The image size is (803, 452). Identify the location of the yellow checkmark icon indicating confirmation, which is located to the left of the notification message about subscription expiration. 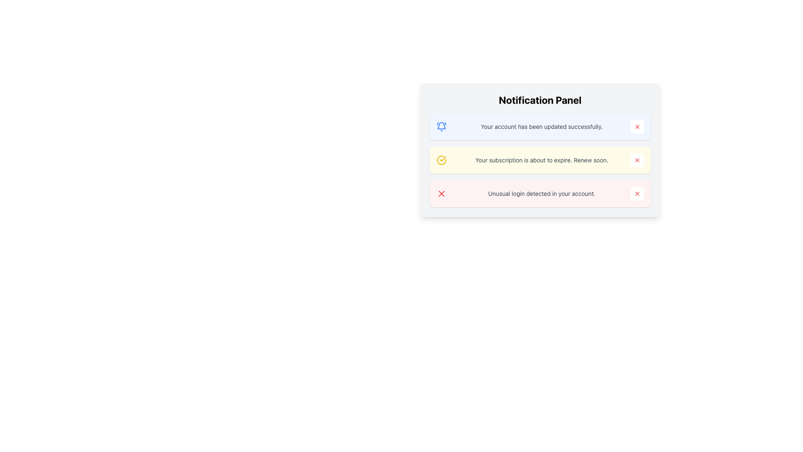
(442, 159).